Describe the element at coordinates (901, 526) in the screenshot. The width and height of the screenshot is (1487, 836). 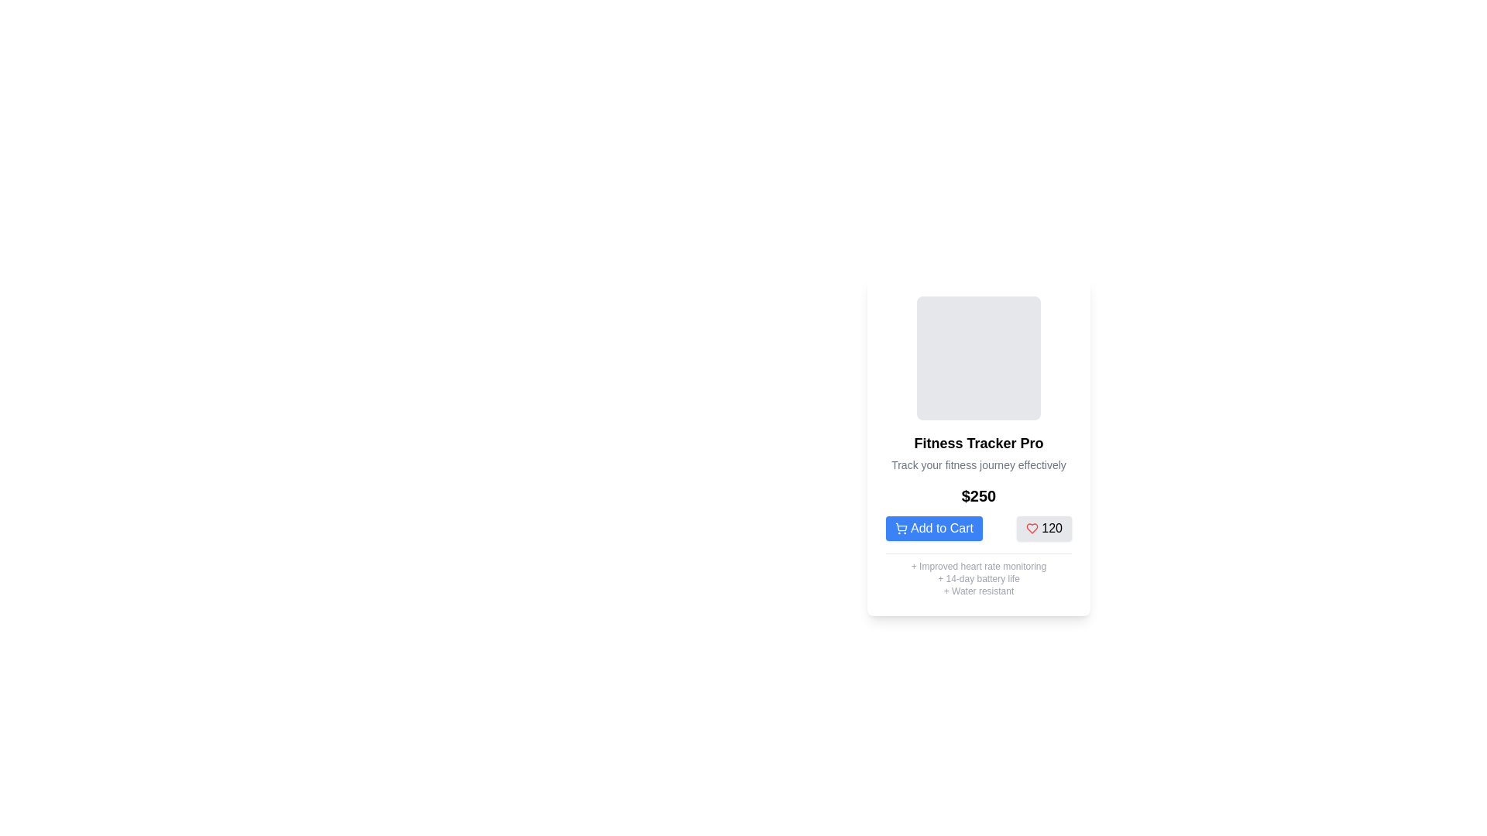
I see `the shopping cart body icon within the 'Add to Cart' button, which visually indicates the 'Add to Cart' interaction` at that location.